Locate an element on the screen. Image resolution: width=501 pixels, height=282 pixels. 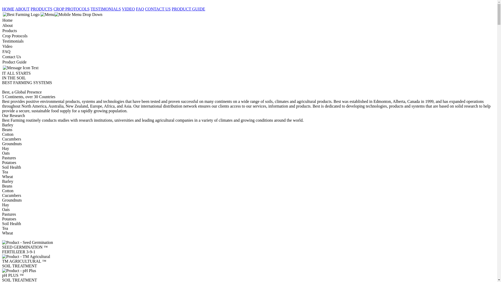
'Pastures' is located at coordinates (2, 158).